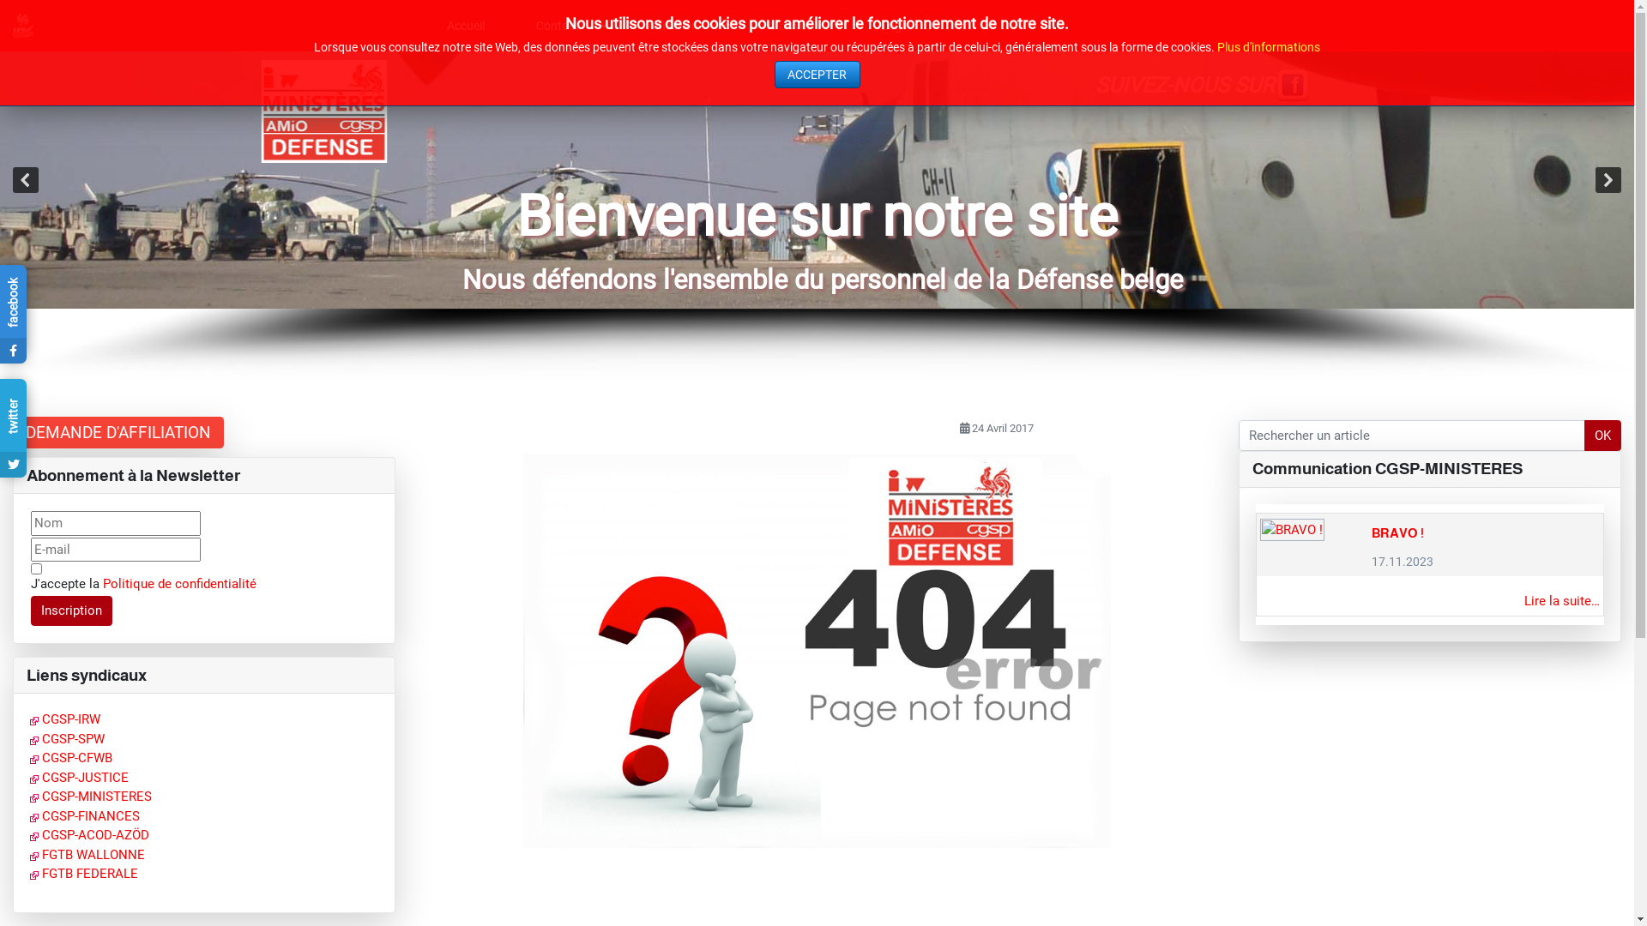 The height and width of the screenshot is (926, 1647). What do you see at coordinates (118, 431) in the screenshot?
I see `'DEMANDE D'AFFILIATION'` at bounding box center [118, 431].